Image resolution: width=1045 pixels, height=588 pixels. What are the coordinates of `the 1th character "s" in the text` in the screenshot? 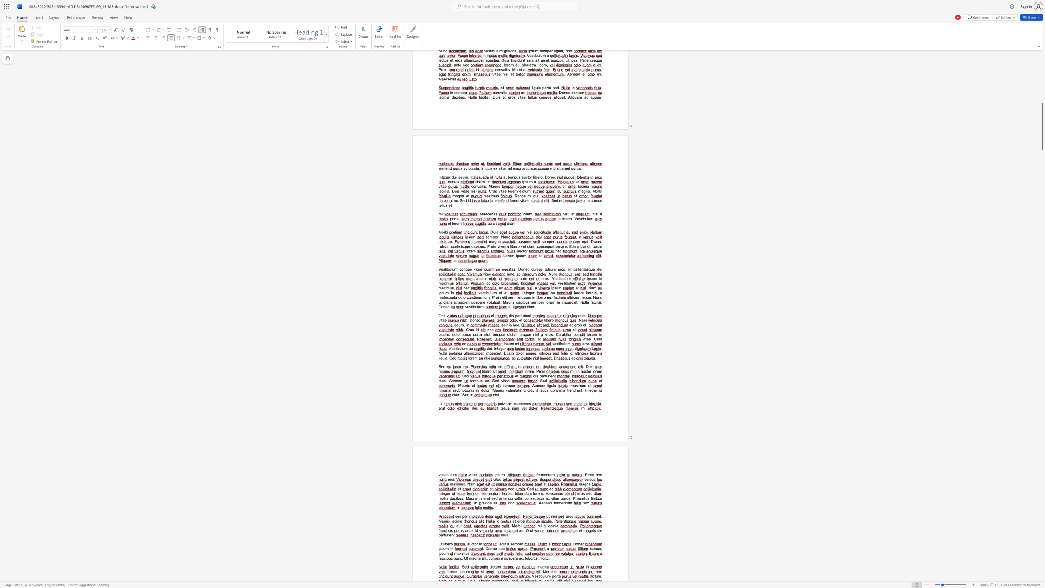 It's located at (476, 498).